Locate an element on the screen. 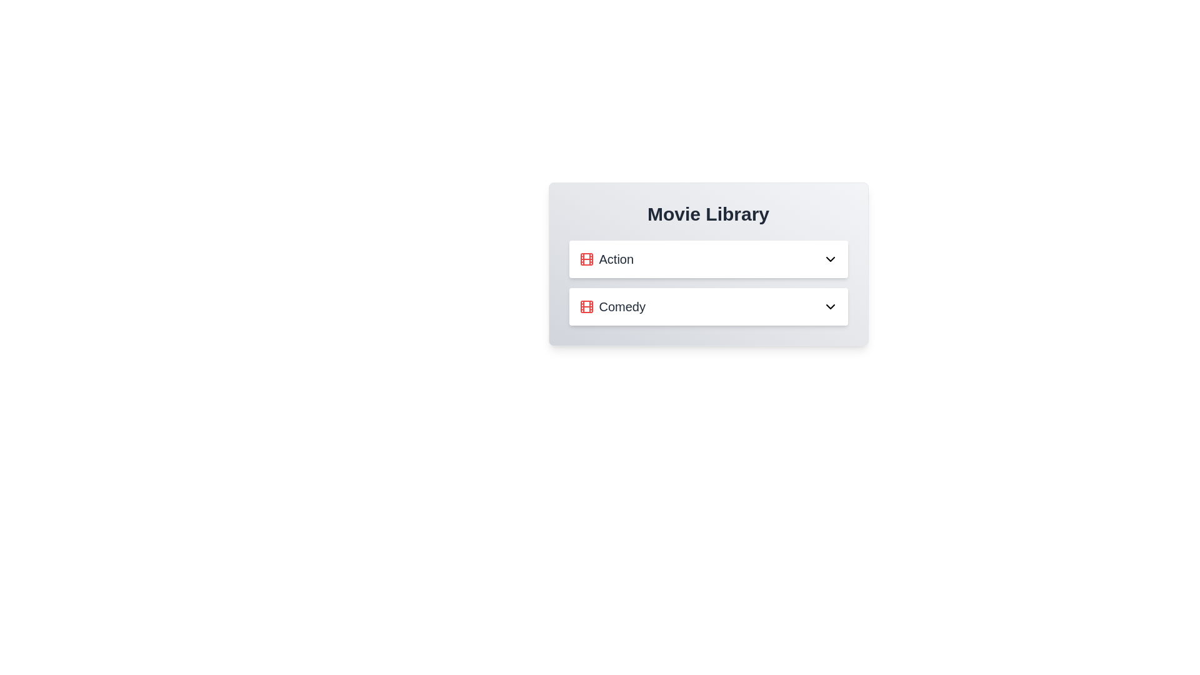 The image size is (1200, 675). the Action Button to observe the hover effect is located at coordinates (708, 259).